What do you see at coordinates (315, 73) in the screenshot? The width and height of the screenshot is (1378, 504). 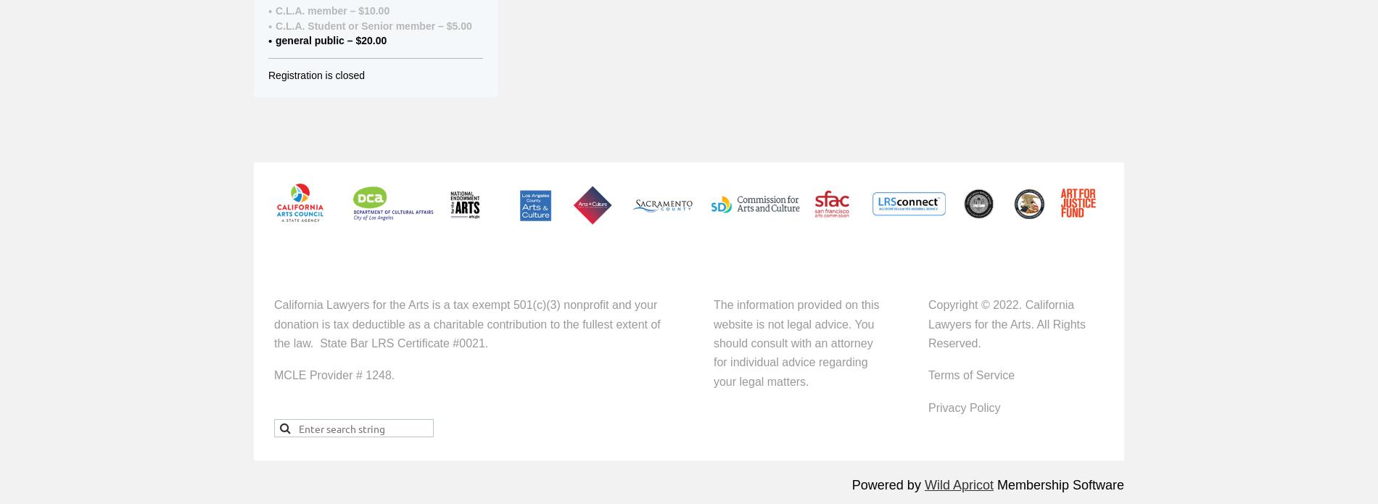 I see `'Registration is closed'` at bounding box center [315, 73].